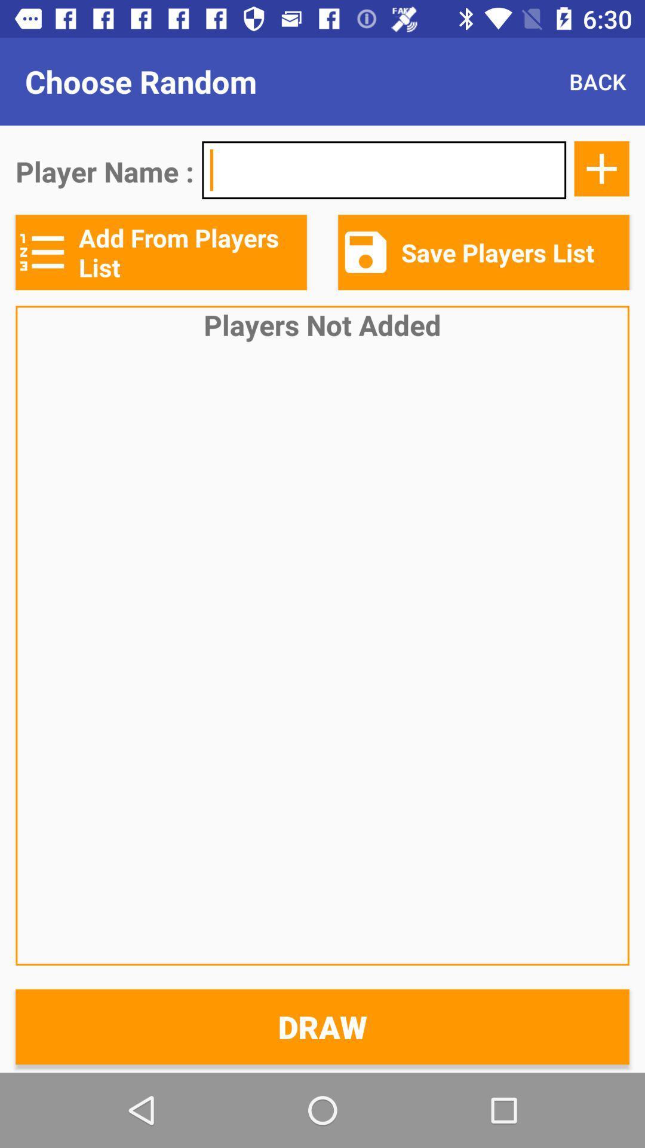  What do you see at coordinates (601, 168) in the screenshot?
I see `a player name` at bounding box center [601, 168].